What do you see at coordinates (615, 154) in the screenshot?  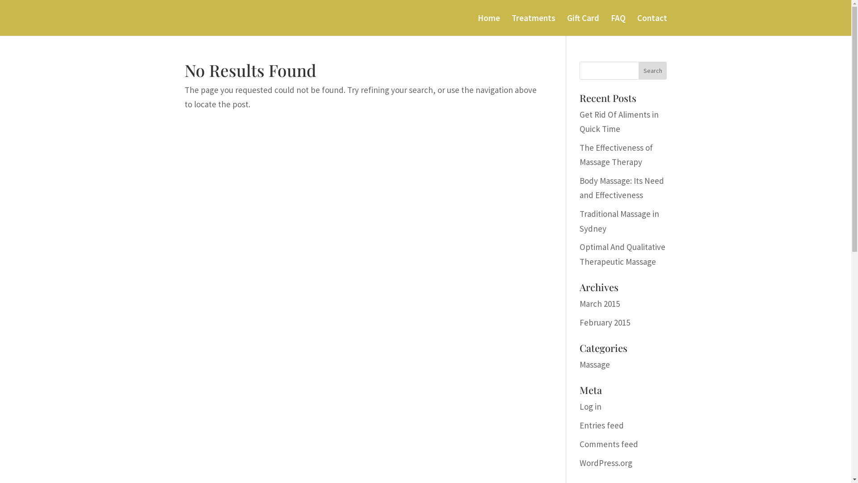 I see `'The Effectiveness of Massage Therapy'` at bounding box center [615, 154].